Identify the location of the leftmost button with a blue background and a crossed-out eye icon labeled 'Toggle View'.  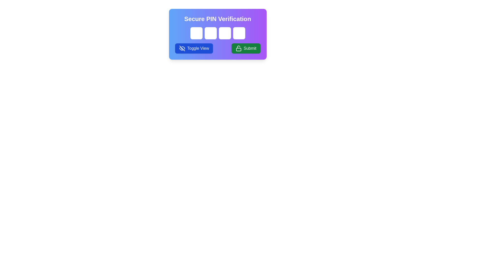
(194, 48).